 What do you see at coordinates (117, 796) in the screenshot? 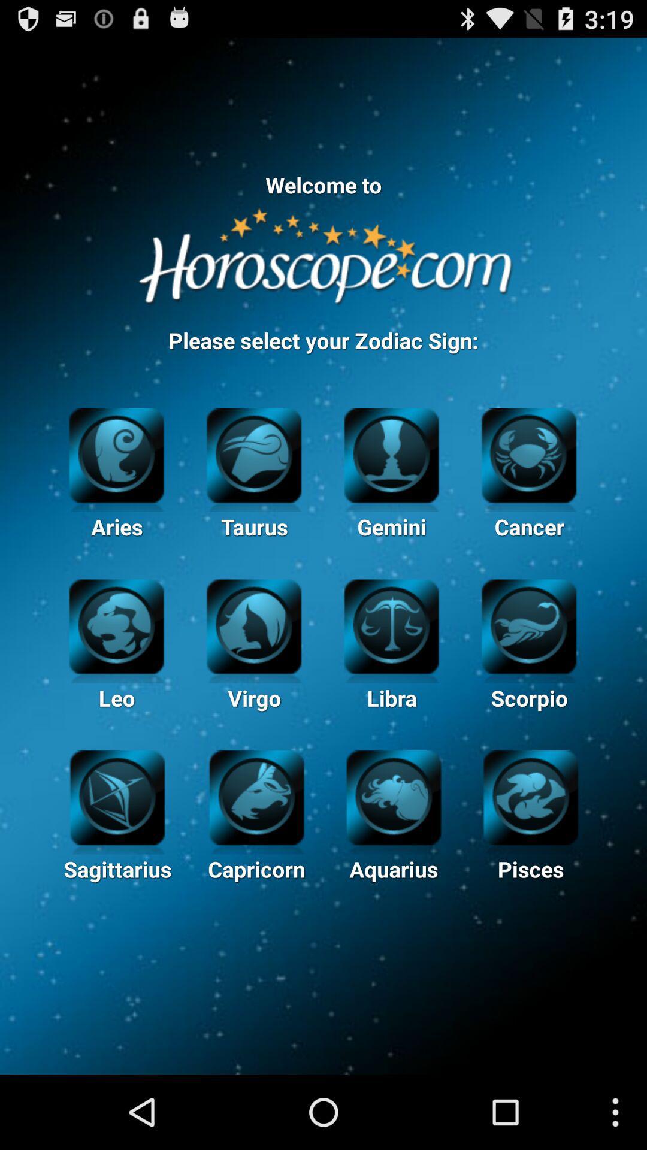
I see `open new page` at bounding box center [117, 796].